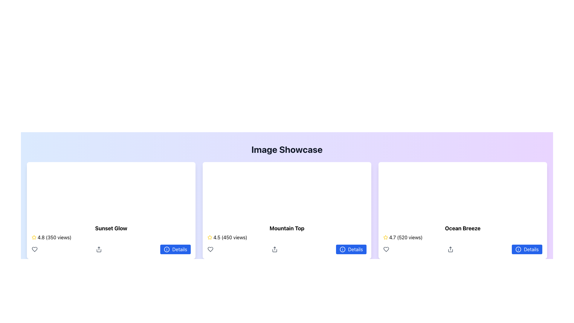 This screenshot has height=323, width=574. What do you see at coordinates (386, 237) in the screenshot?
I see `the yellow star icon with a hollow center located adjacent to the text '4.7 (520 views)' in the Ocean Breeze card` at bounding box center [386, 237].